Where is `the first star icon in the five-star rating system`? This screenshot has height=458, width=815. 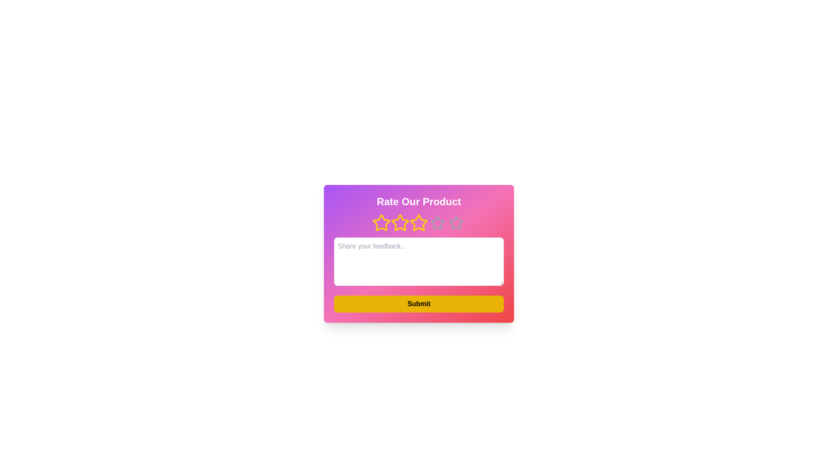
the first star icon in the five-star rating system is located at coordinates (381, 222).